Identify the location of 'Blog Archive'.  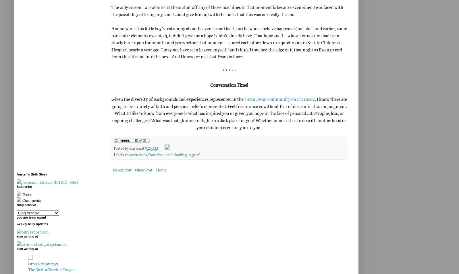
(26, 204).